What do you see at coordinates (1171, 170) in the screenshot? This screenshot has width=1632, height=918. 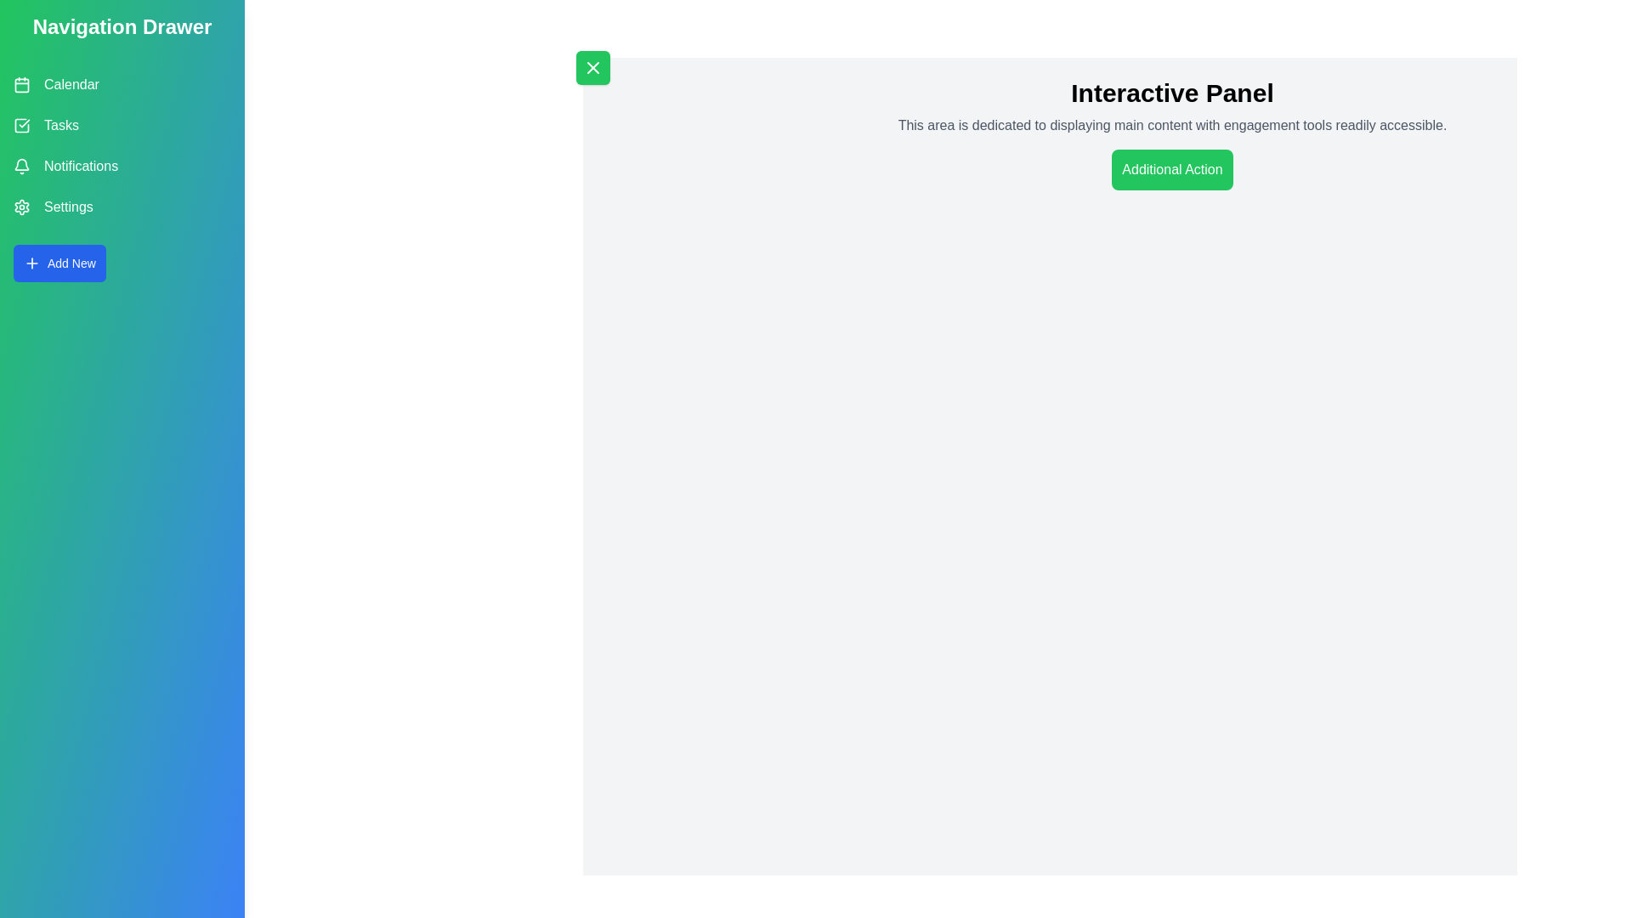 I see `the vibrant green button labeled 'Additional Action' located within the 'Interactive Panel'` at bounding box center [1171, 170].